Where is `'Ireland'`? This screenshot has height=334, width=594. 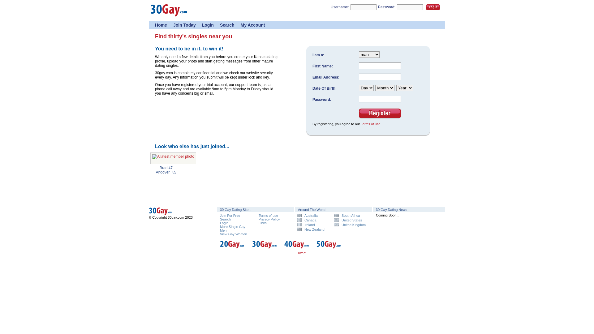
'Ireland' is located at coordinates (313, 225).